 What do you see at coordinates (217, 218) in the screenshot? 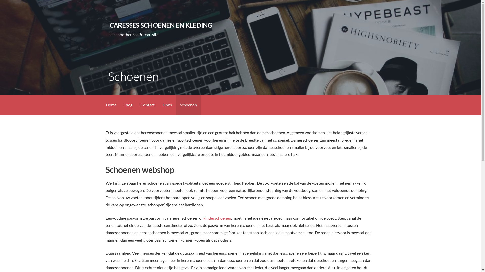
I see `'kinderschoenen'` at bounding box center [217, 218].